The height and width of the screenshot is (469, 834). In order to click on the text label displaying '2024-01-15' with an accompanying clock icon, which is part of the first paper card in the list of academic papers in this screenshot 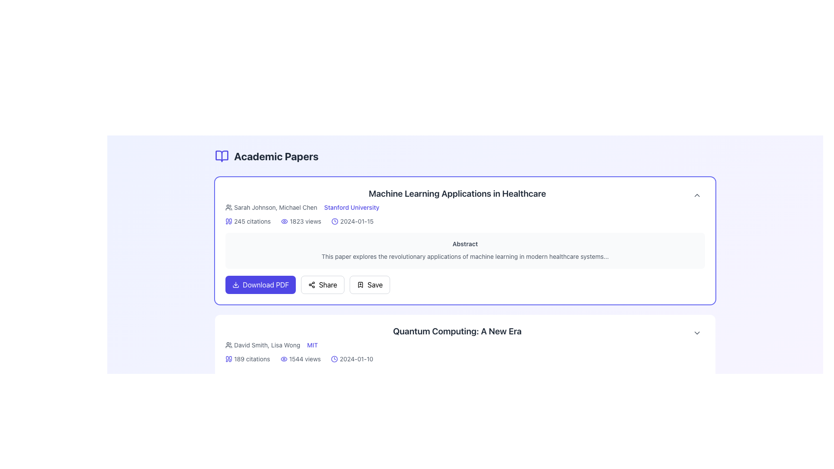, I will do `click(352, 221)`.